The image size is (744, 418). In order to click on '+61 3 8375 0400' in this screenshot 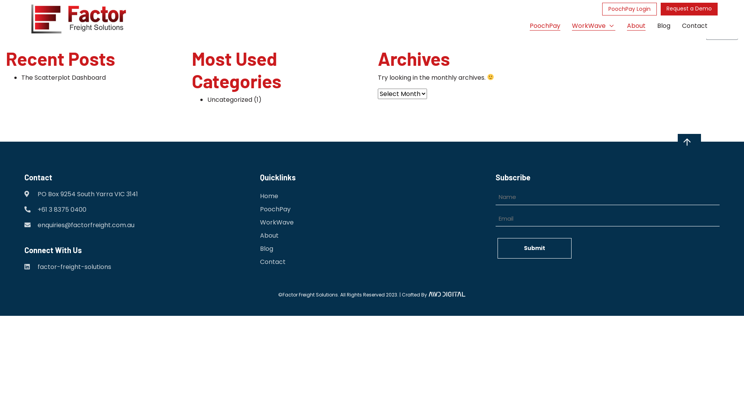, I will do `click(61, 210)`.